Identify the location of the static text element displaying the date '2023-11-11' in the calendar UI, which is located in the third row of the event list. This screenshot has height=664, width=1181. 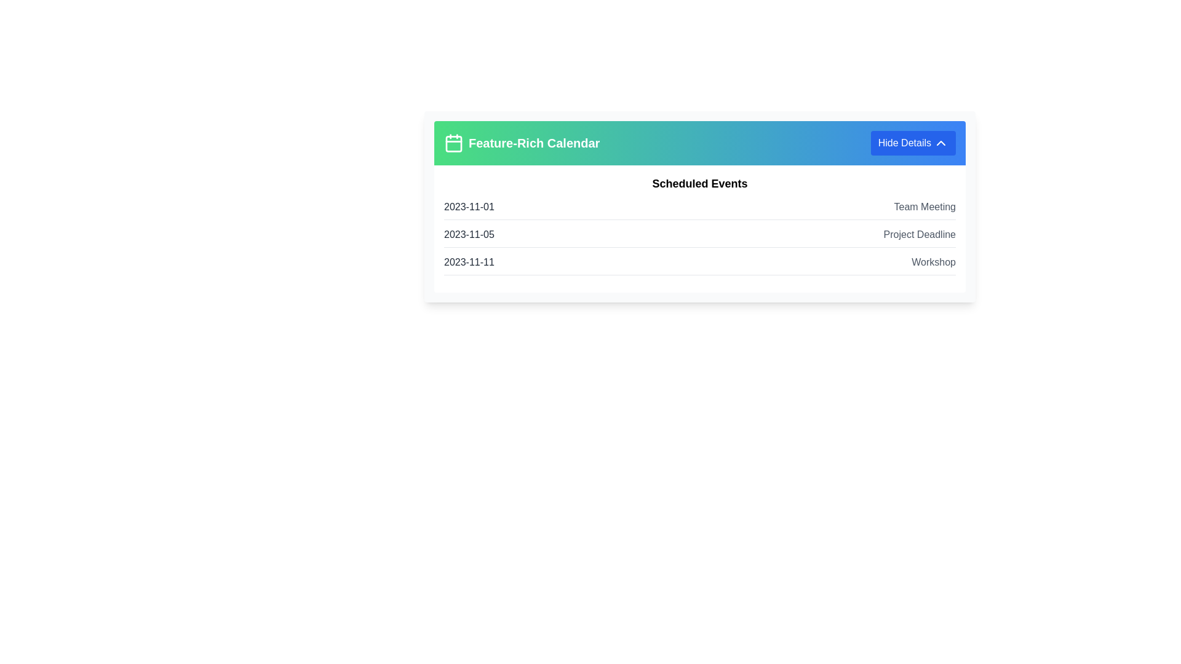
(469, 262).